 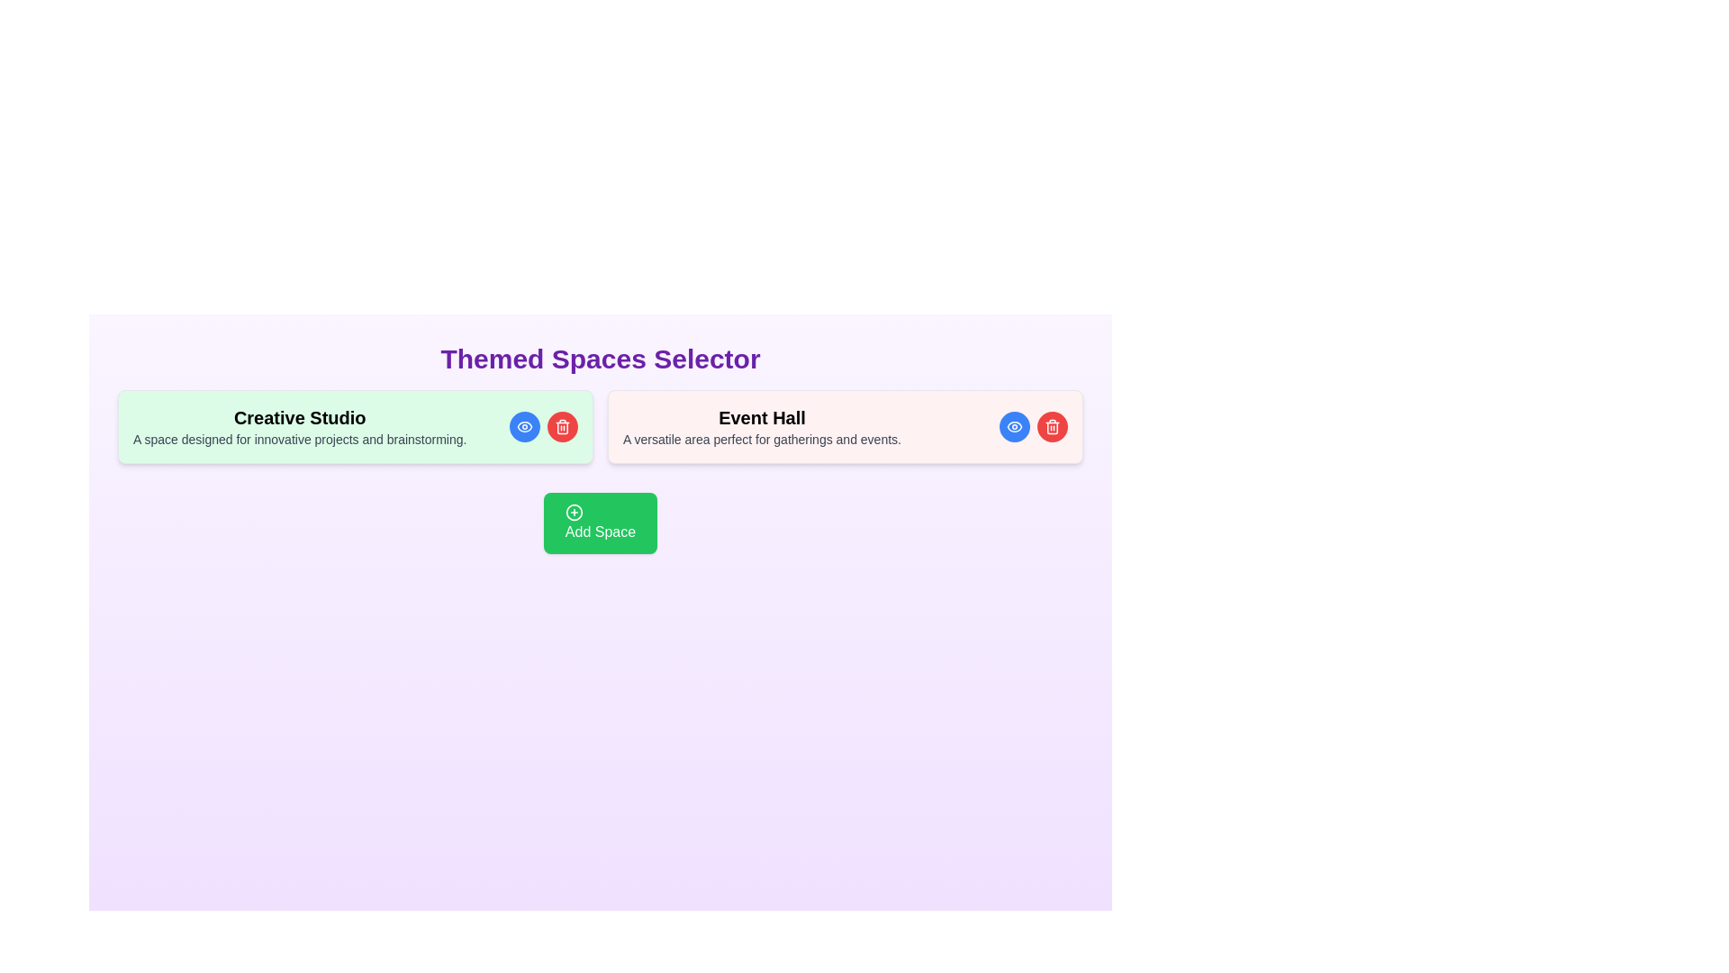 What do you see at coordinates (1053, 427) in the screenshot?
I see `the delete icon represented by a red circular button to the right of the 'Event Hall' section` at bounding box center [1053, 427].